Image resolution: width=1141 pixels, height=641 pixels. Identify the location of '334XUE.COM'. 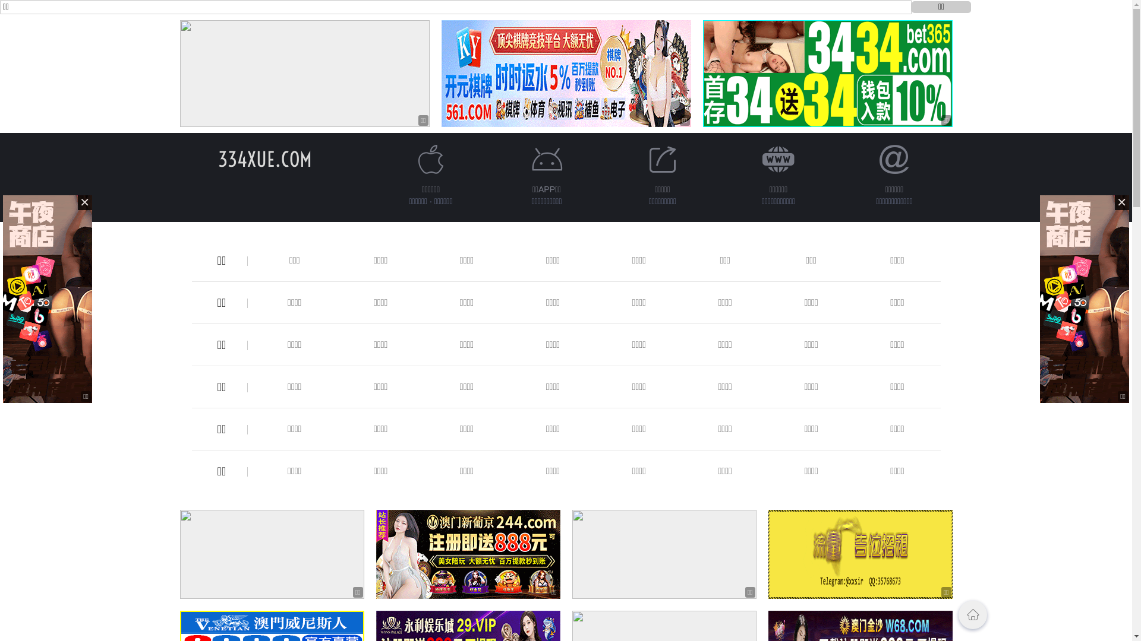
(264, 158).